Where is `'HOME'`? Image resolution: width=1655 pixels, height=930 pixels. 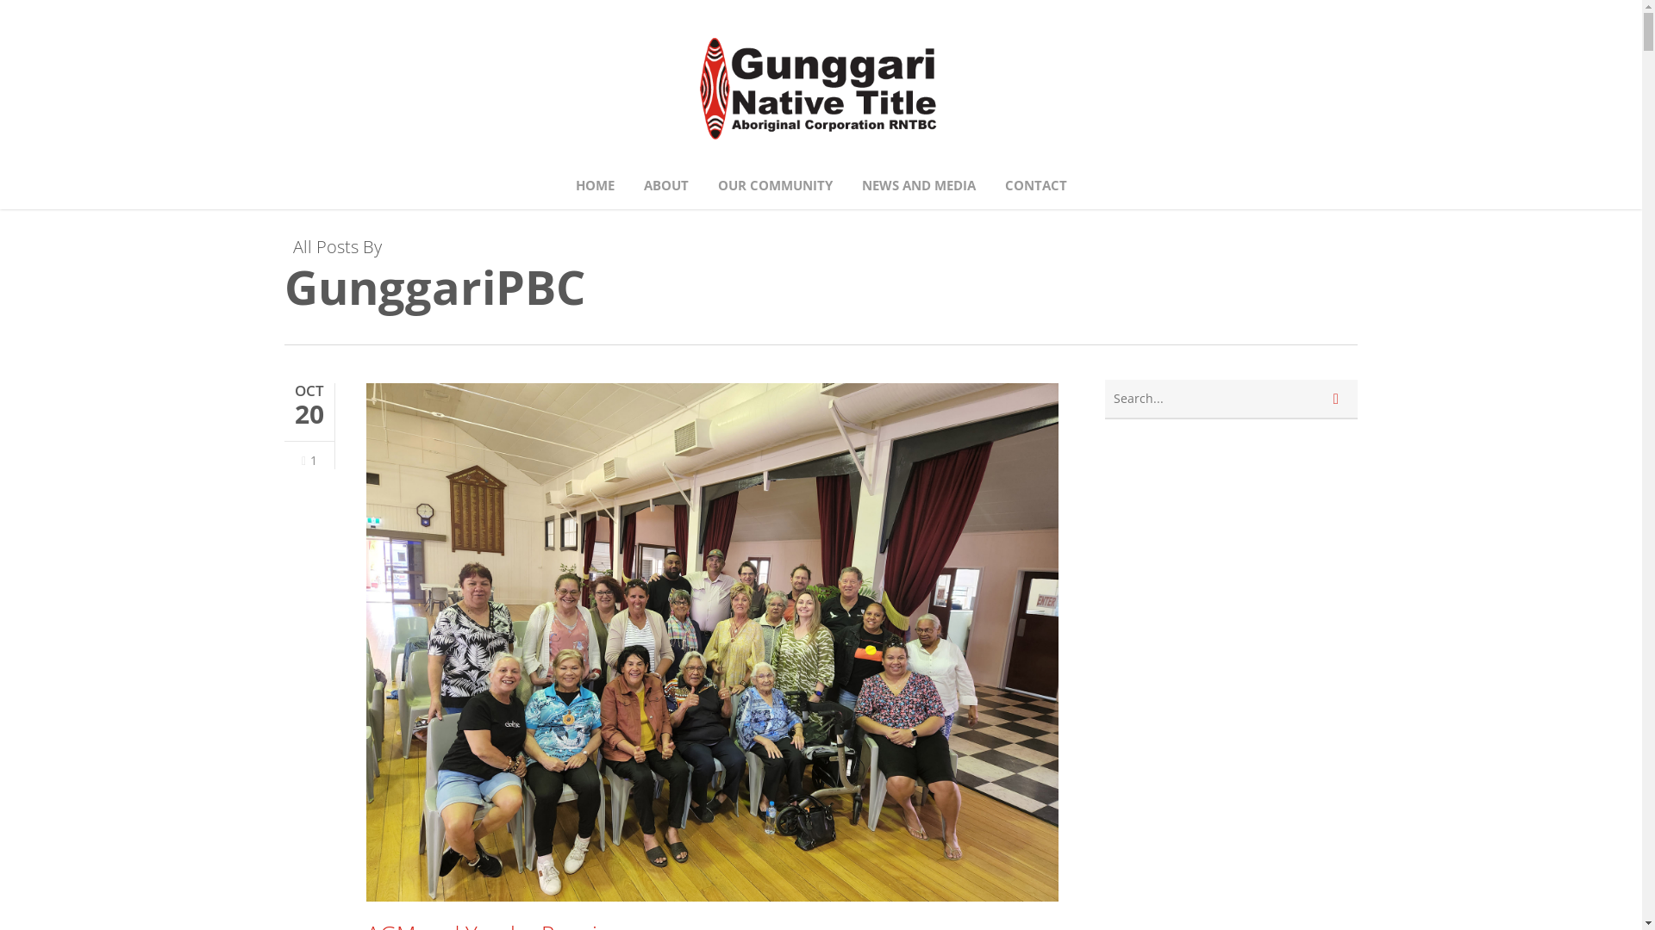 'HOME' is located at coordinates (595, 185).